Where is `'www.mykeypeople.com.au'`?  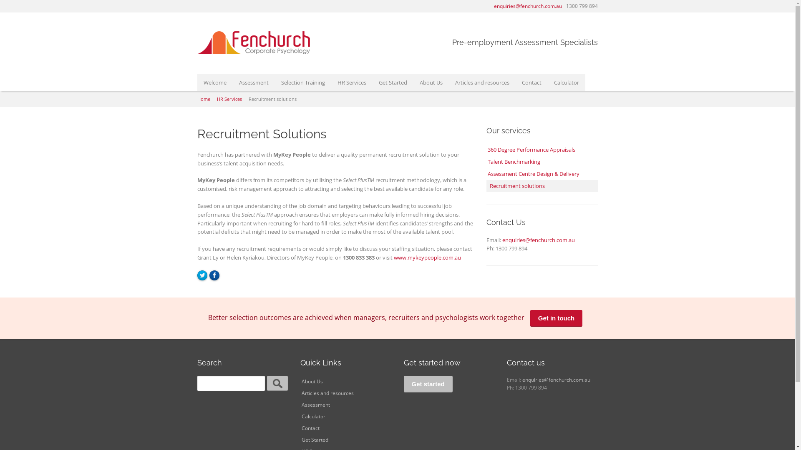
'www.mykeypeople.com.au' is located at coordinates (427, 257).